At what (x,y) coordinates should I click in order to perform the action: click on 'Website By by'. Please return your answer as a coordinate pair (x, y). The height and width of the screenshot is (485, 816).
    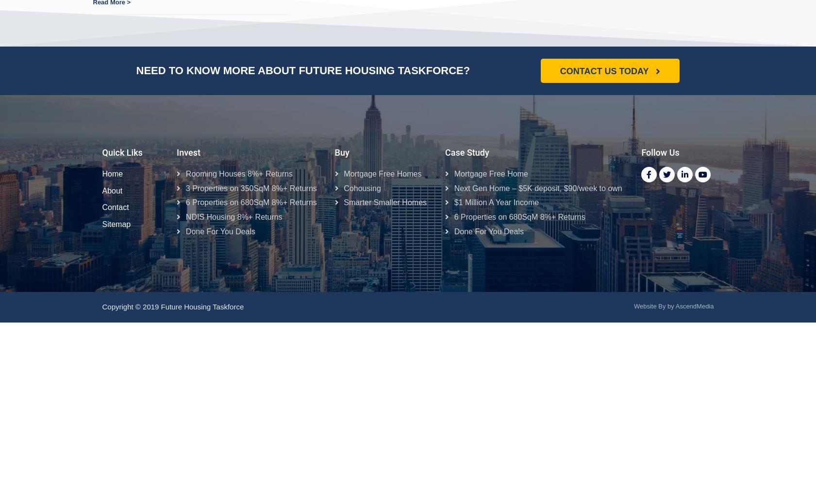
    Looking at the image, I should click on (652, 306).